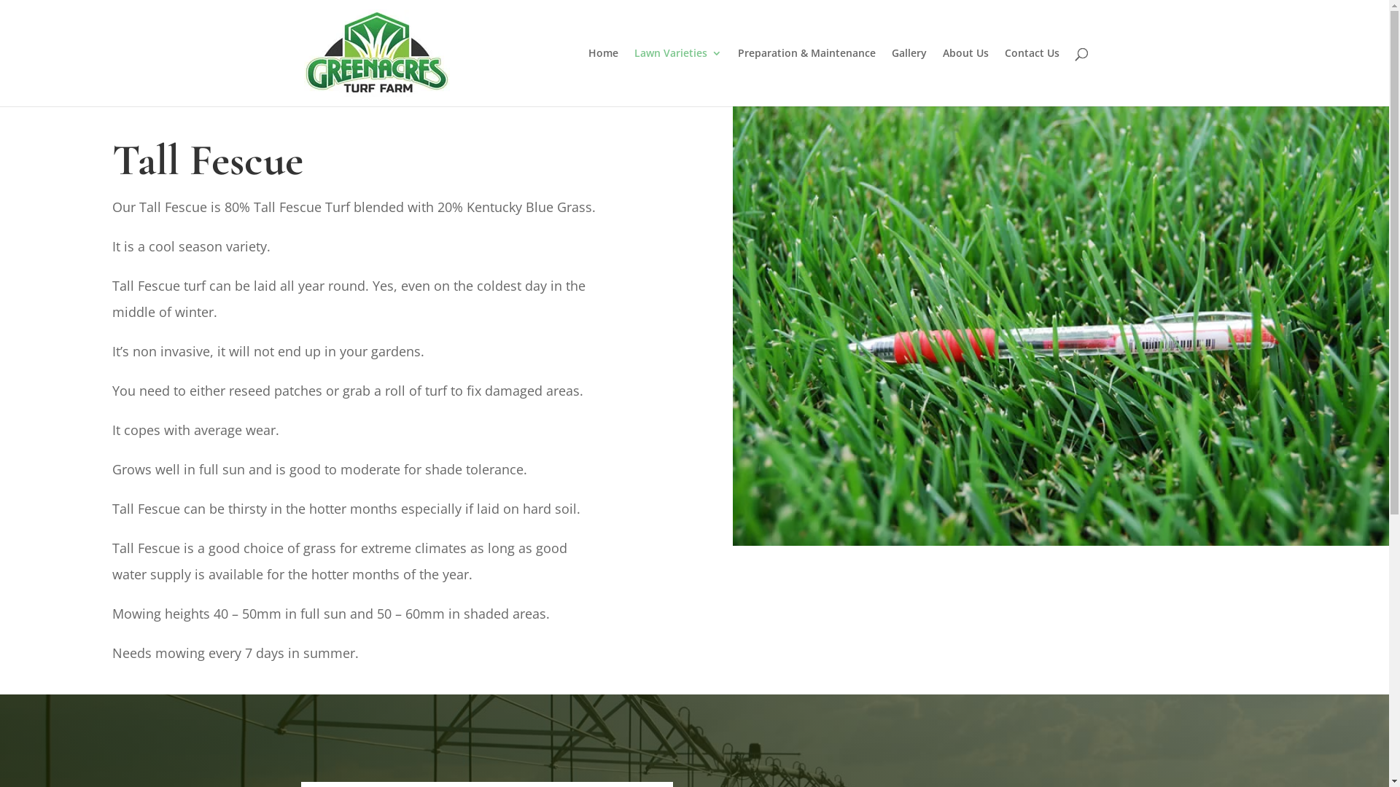  I want to click on 'Gallery', so click(908, 77).